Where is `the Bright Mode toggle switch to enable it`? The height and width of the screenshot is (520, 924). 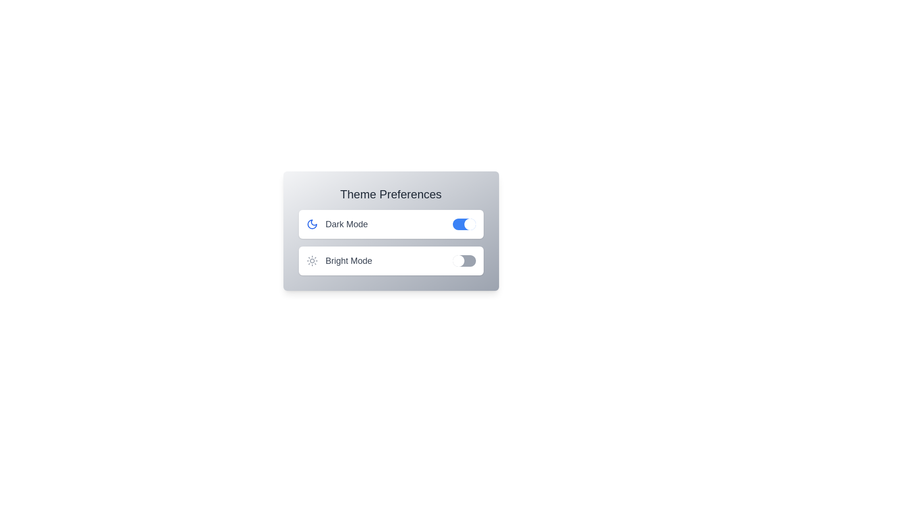
the Bright Mode toggle switch to enable it is located at coordinates (464, 261).